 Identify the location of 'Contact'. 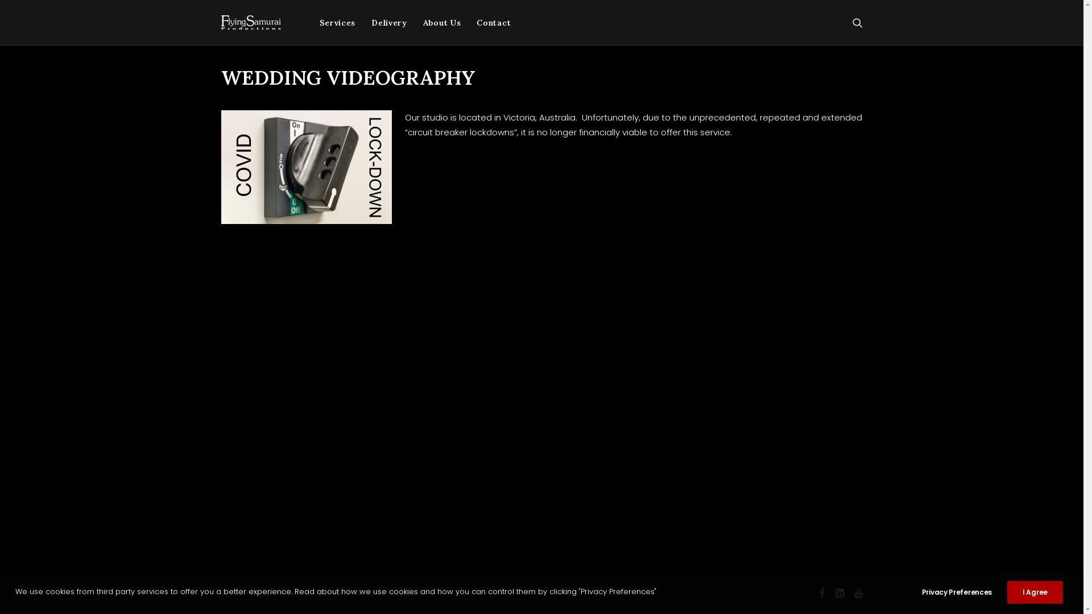
(489, 22).